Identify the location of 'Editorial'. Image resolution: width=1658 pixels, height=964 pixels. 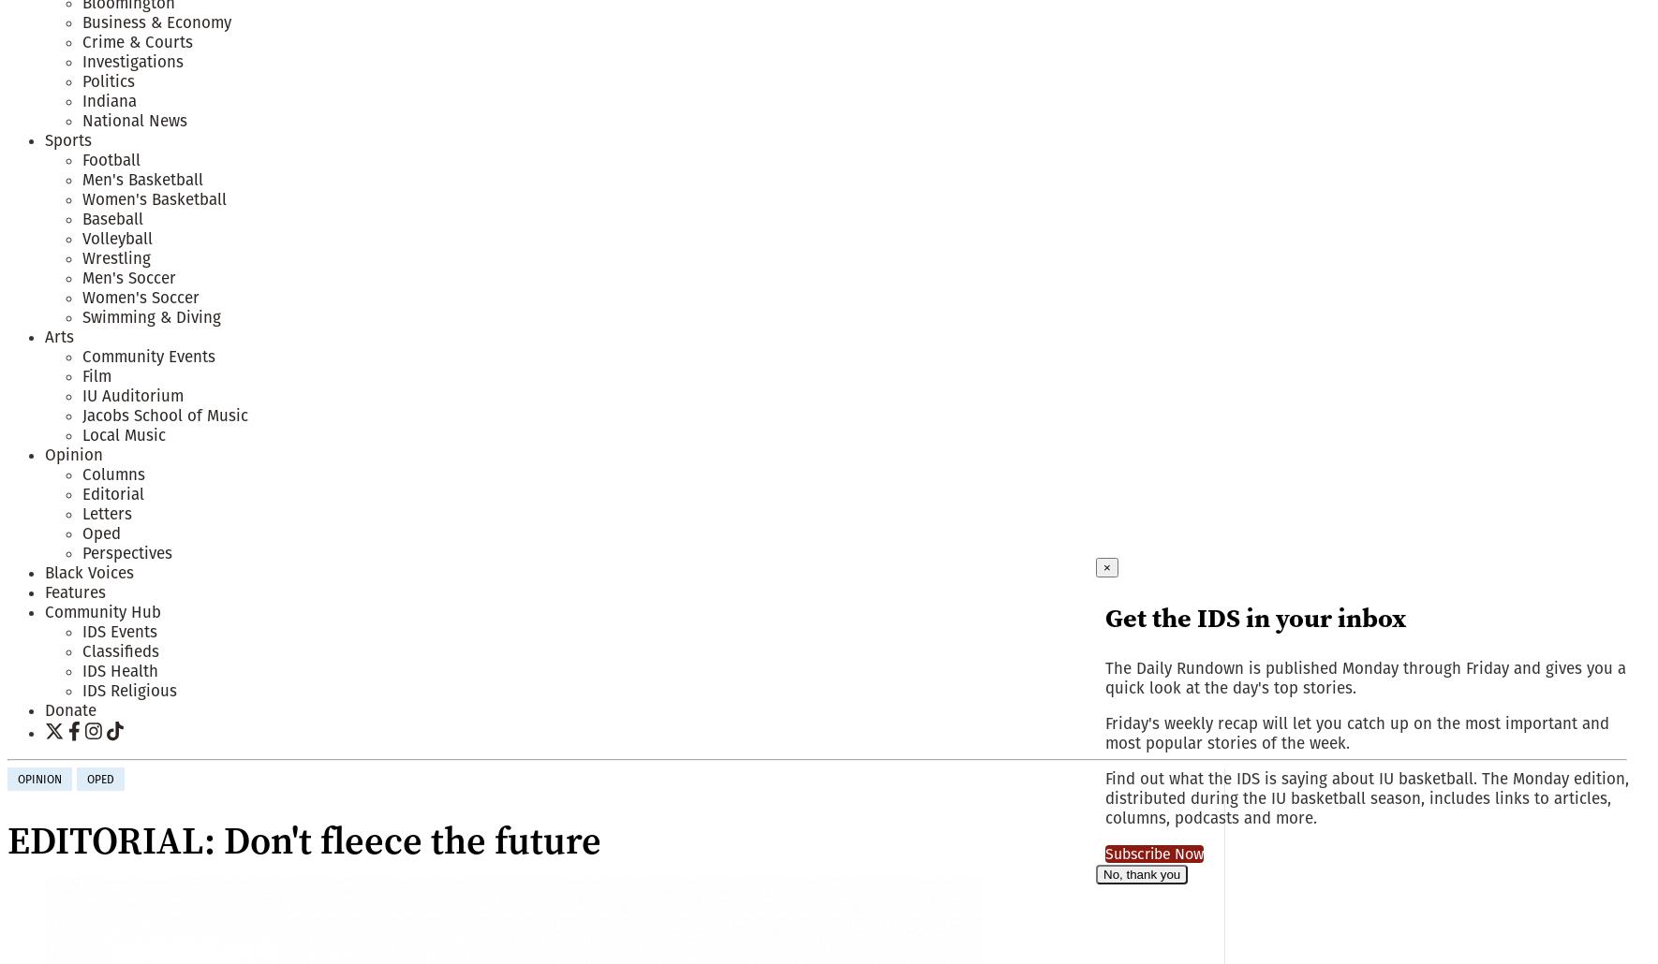
(112, 493).